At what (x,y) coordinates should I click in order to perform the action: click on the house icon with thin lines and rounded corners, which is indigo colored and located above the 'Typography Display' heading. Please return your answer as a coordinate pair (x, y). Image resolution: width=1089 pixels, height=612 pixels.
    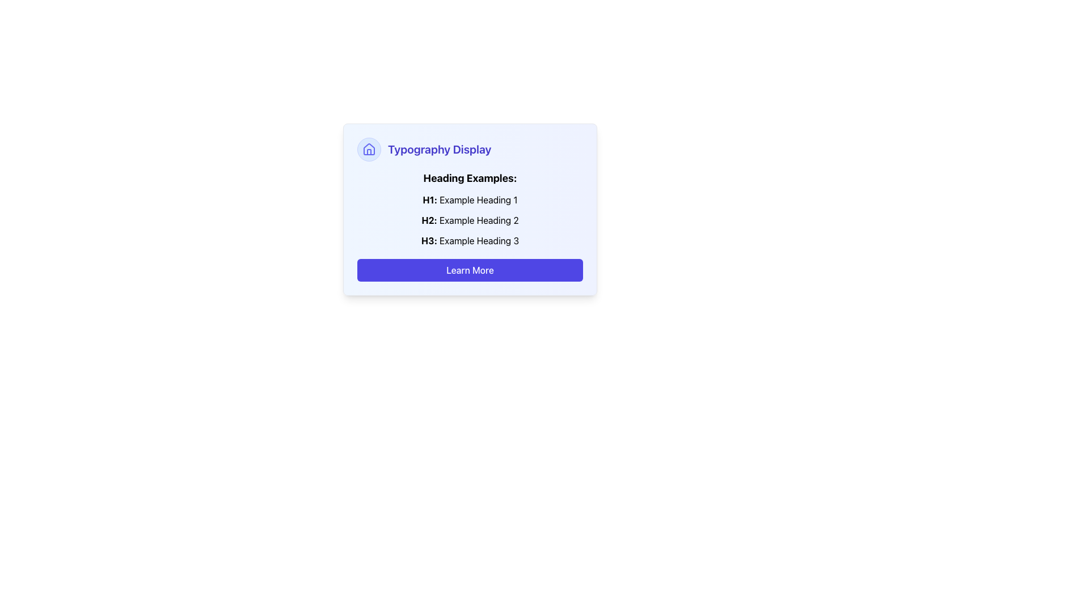
    Looking at the image, I should click on (369, 148).